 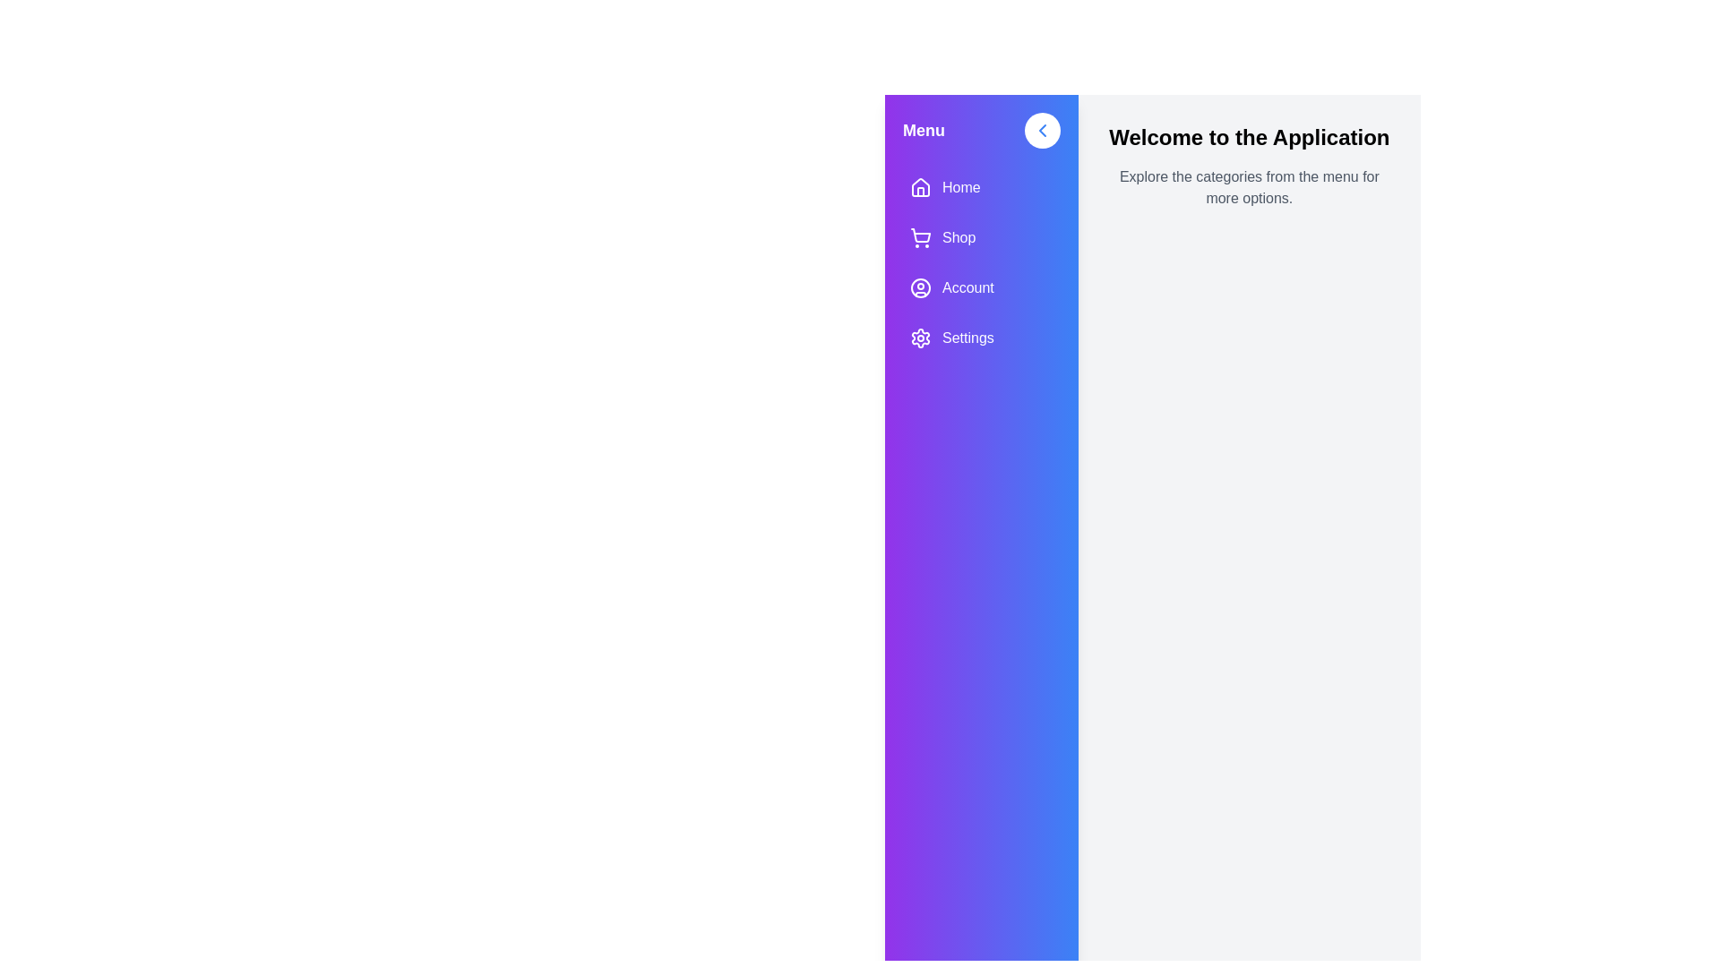 I want to click on the circular user figure icon within the 'Account' menu option on the left-side navigation bar, which is styled with a white color against a vibrant gradient background of purple and blue hues, so click(x=920, y=287).